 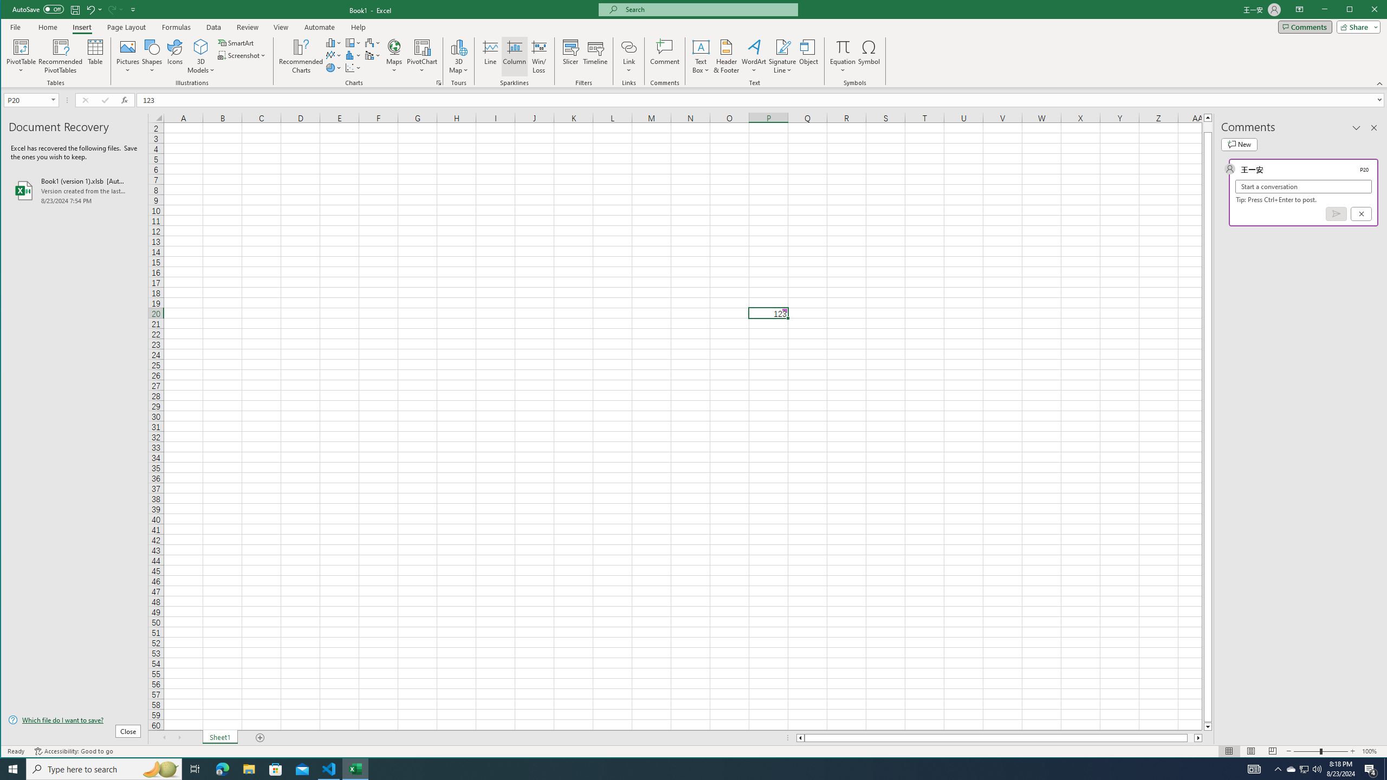 I want to click on 'Win/Loss', so click(x=539, y=56).